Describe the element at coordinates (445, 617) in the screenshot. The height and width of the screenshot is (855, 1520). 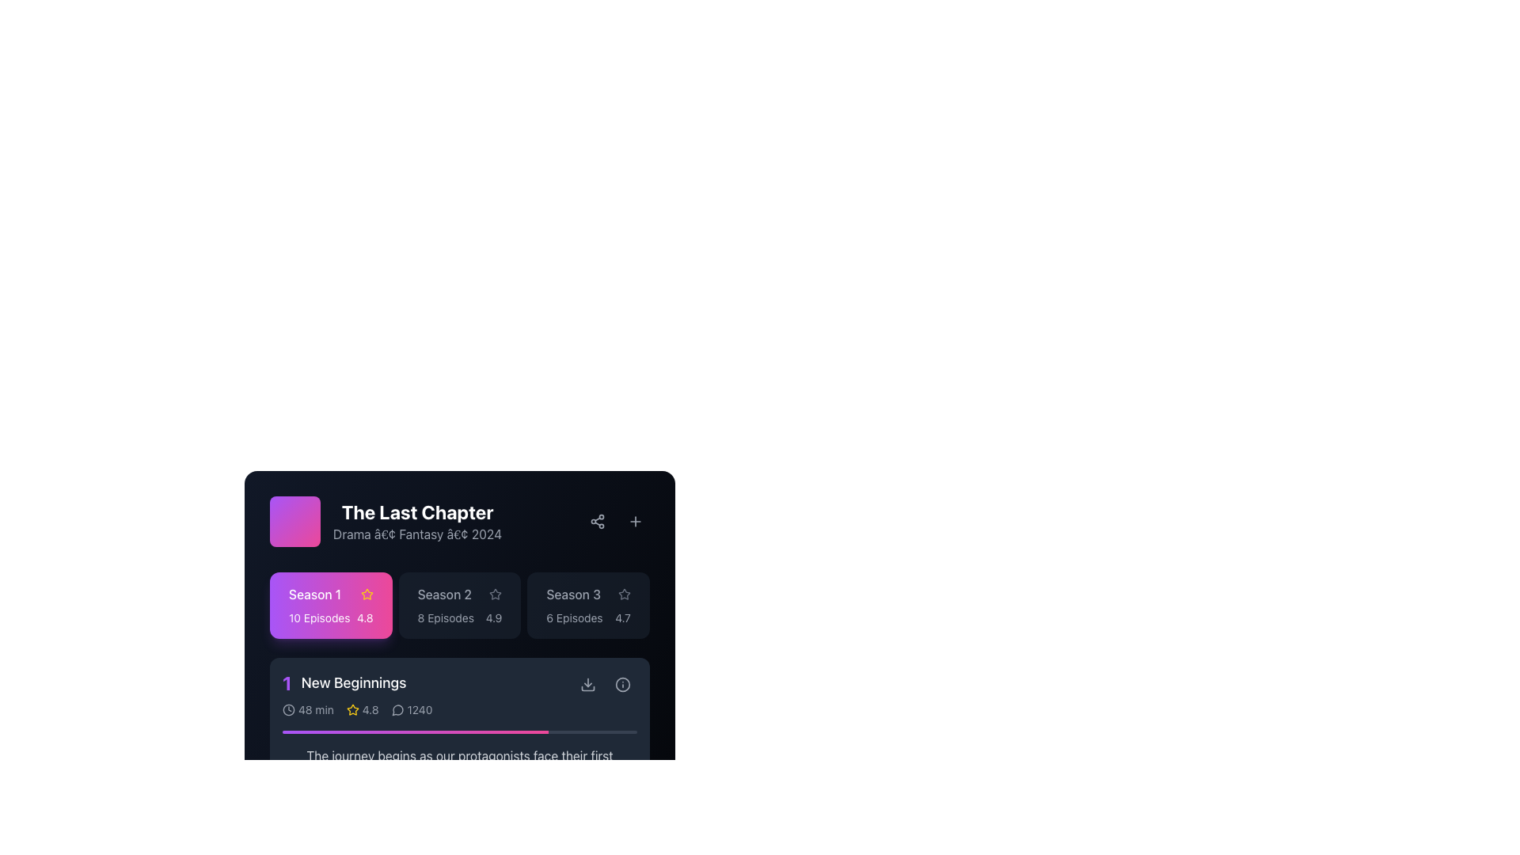
I see `the text label displaying the episode count for Season 2 of 'The Last Chapter', located in the horizontal bar below the title, second from the left among season episode details` at that location.